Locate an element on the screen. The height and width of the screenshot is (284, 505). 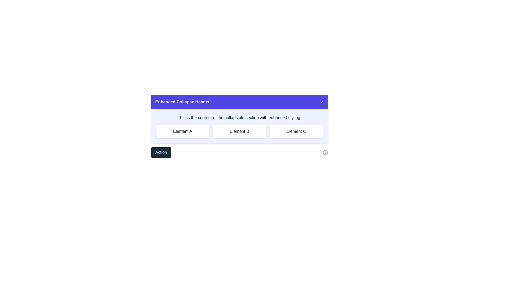
the circular icon with a thin gray outline and an 'i' symbol in the center for more information is located at coordinates (325, 152).